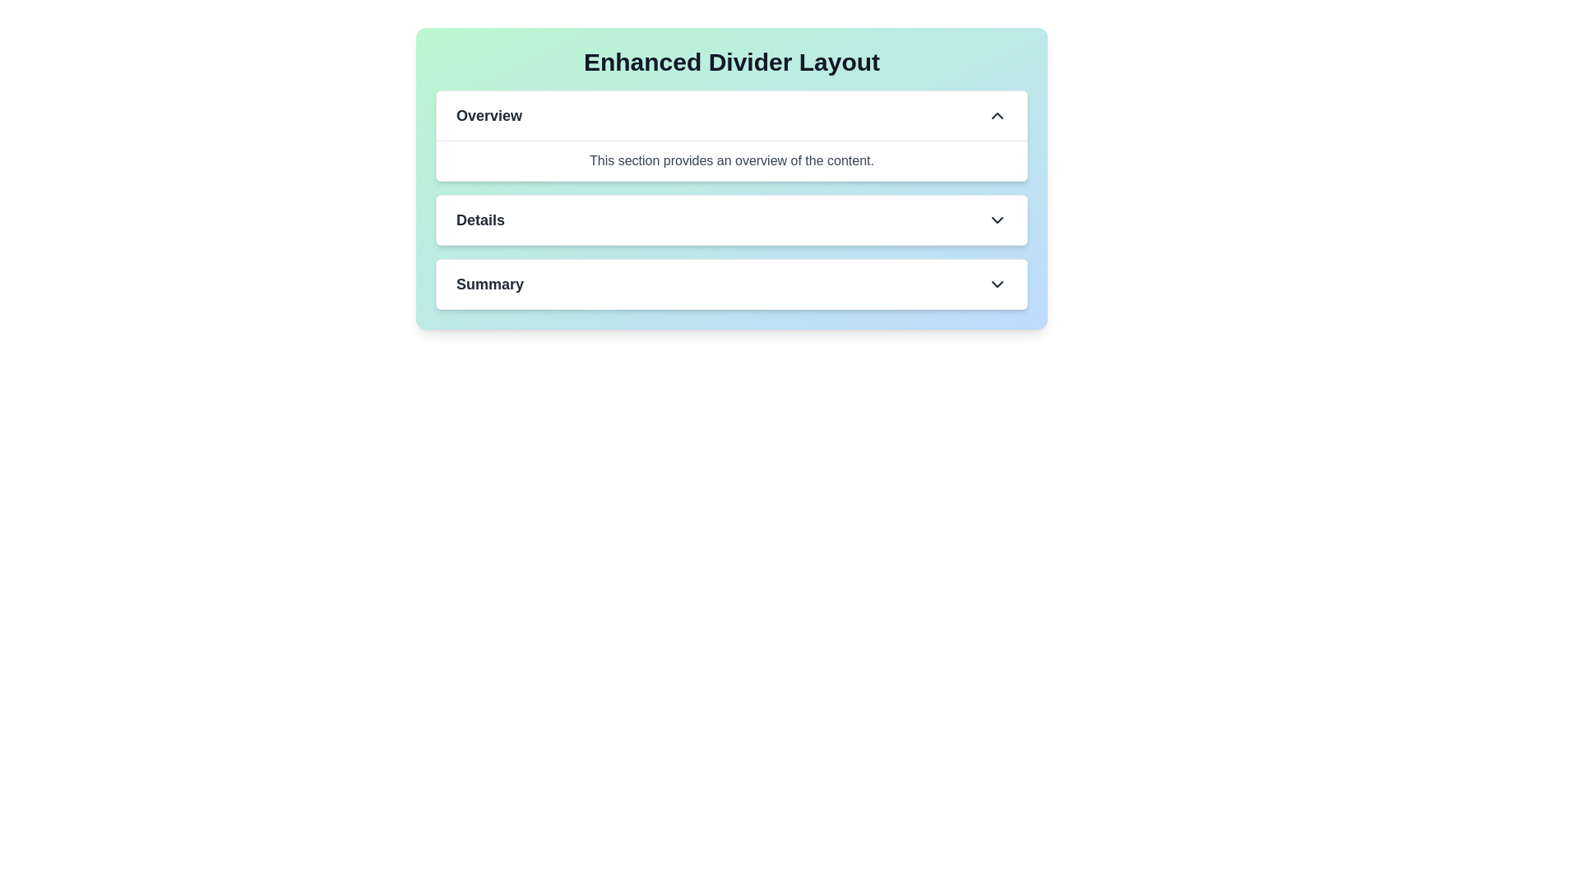  I want to click on informational text block that states 'This section provides an overview of the content.' It is styled with gray text and appears below the 'Overview' header, so click(730, 160).